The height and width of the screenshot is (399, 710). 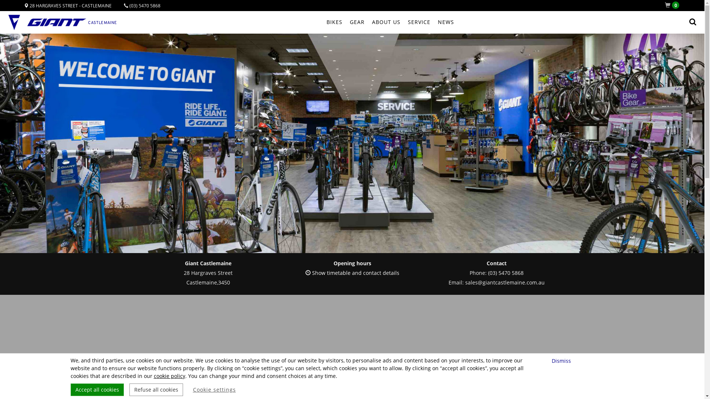 What do you see at coordinates (562, 360) in the screenshot?
I see `'Dismiss'` at bounding box center [562, 360].